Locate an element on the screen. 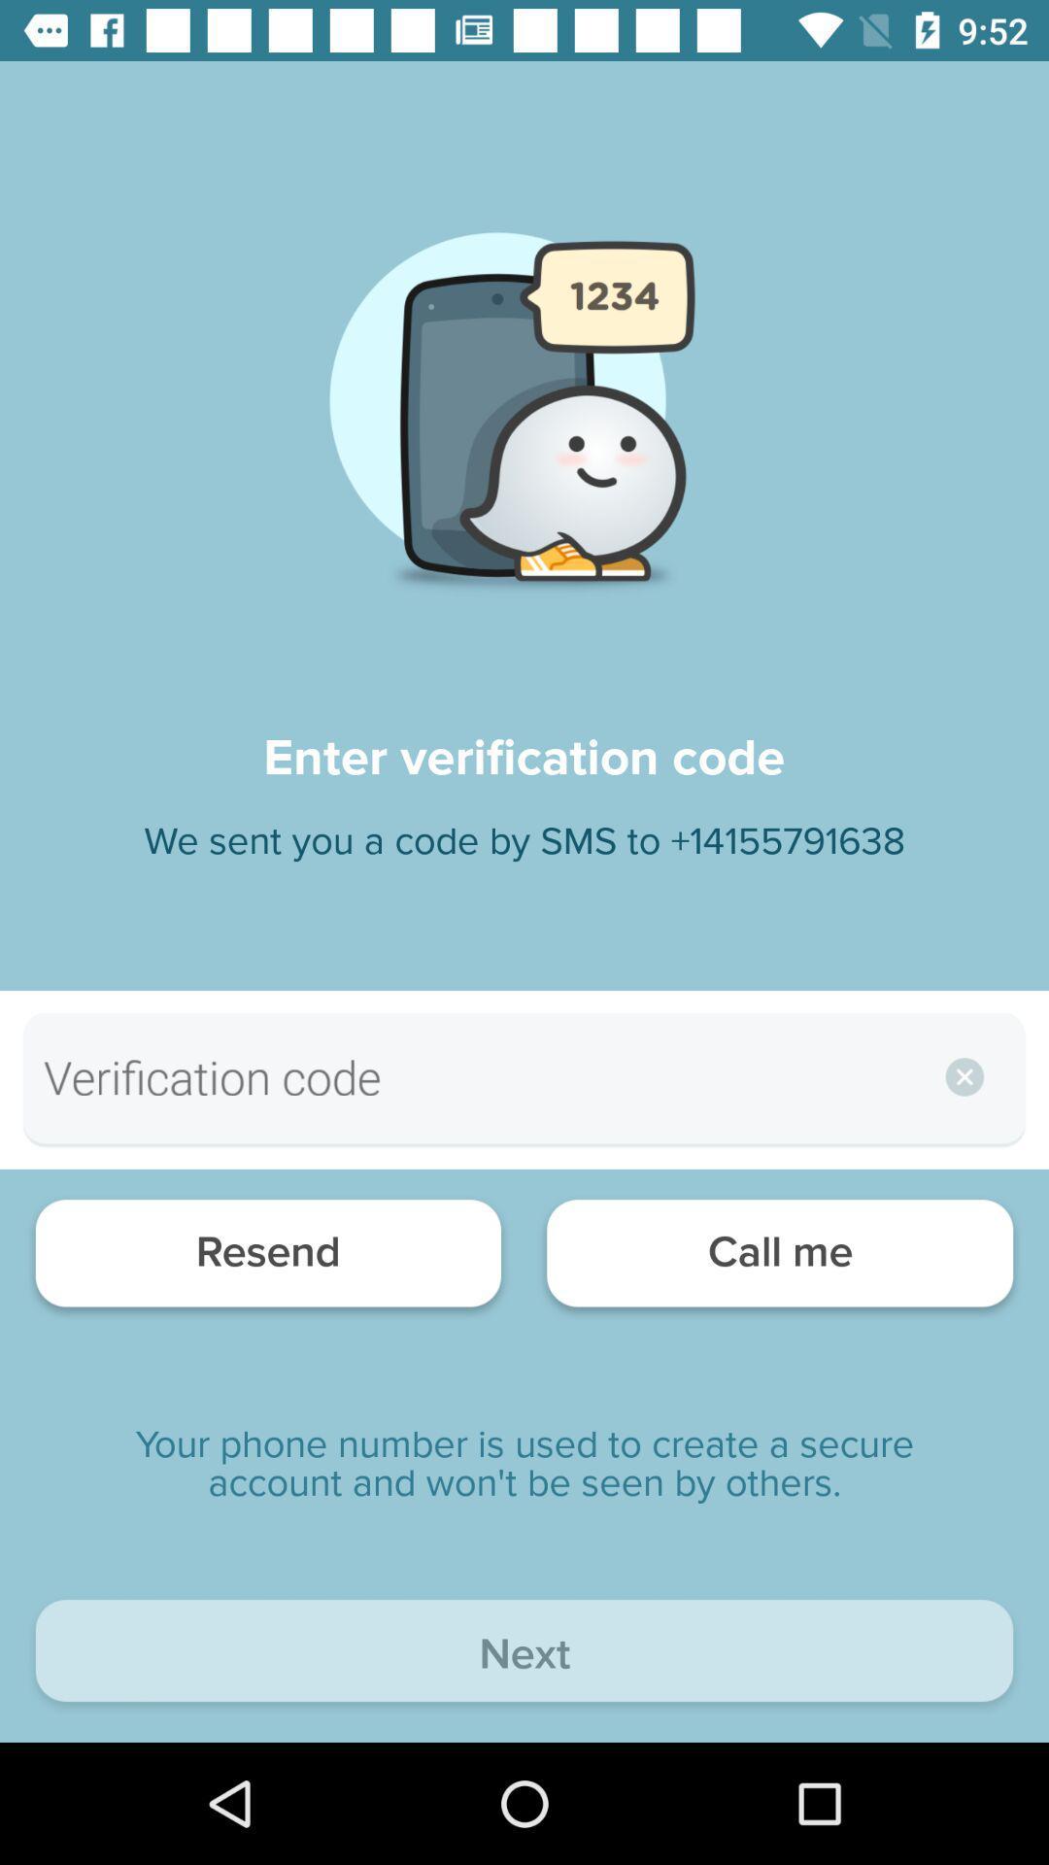 This screenshot has width=1049, height=1865. the item above the your phone number icon is located at coordinates (268, 1258).